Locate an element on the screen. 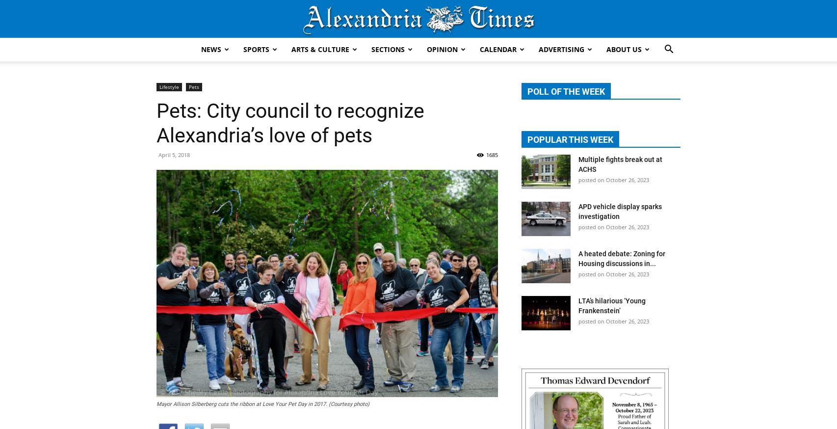  'POPULAR THIS WEEK' is located at coordinates (570, 139).